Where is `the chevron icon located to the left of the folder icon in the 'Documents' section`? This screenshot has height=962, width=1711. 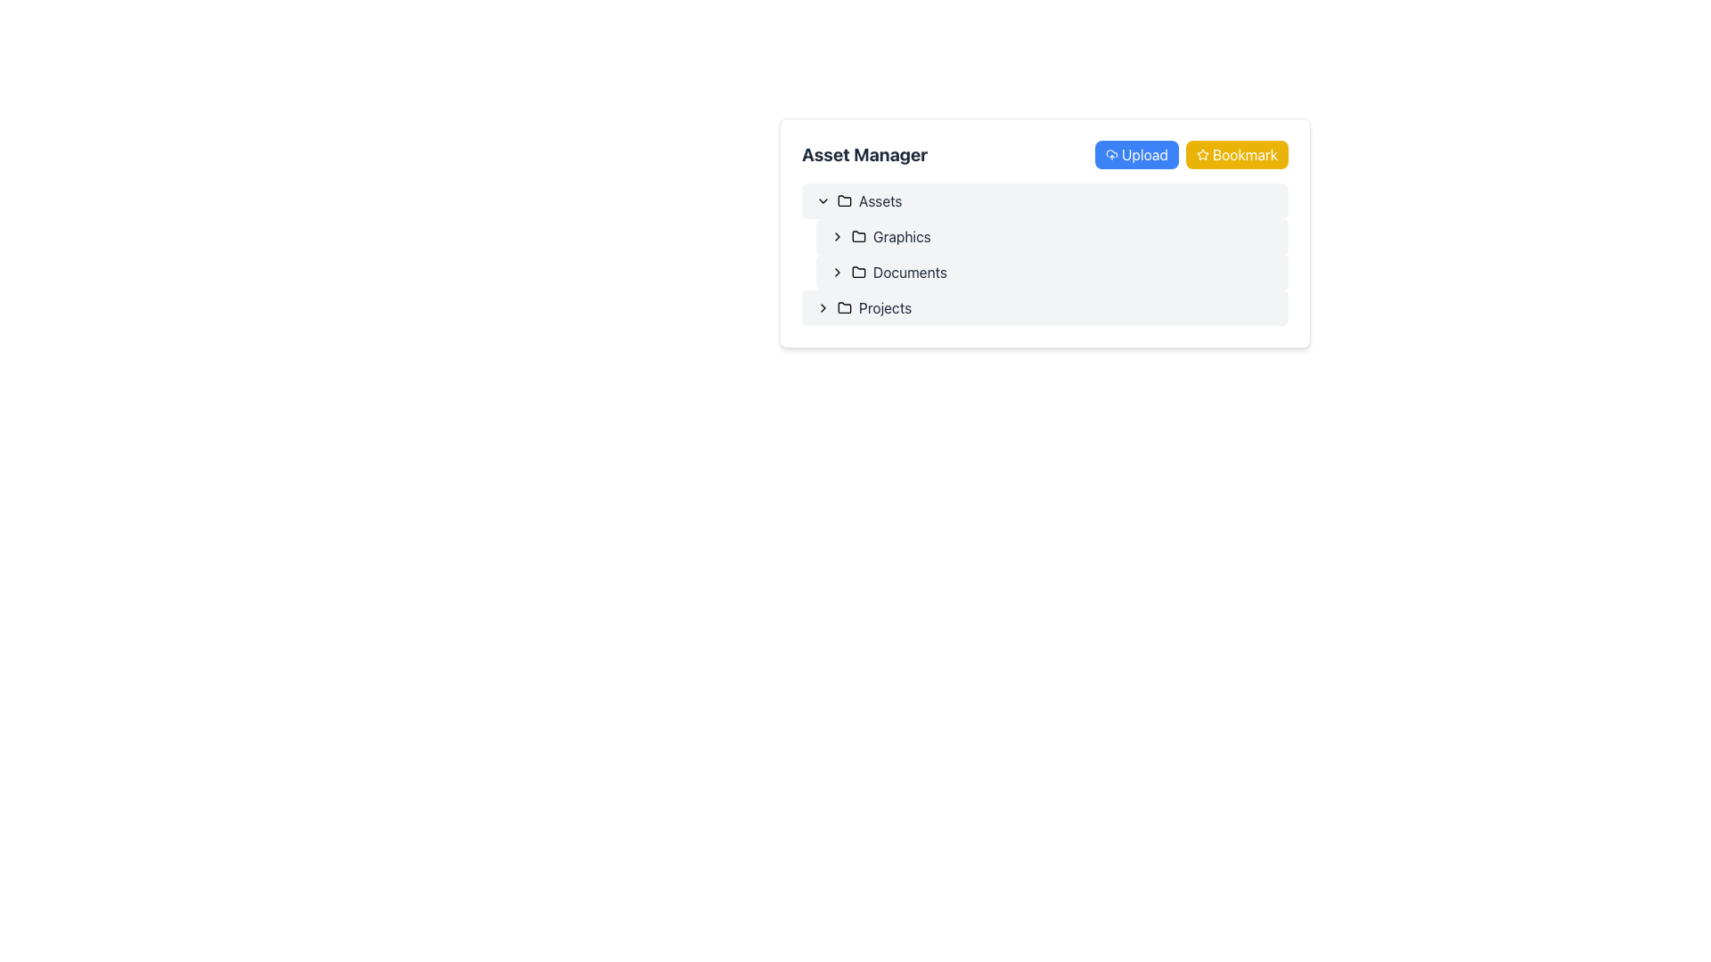
the chevron icon located to the left of the folder icon in the 'Documents' section is located at coordinates (837, 272).